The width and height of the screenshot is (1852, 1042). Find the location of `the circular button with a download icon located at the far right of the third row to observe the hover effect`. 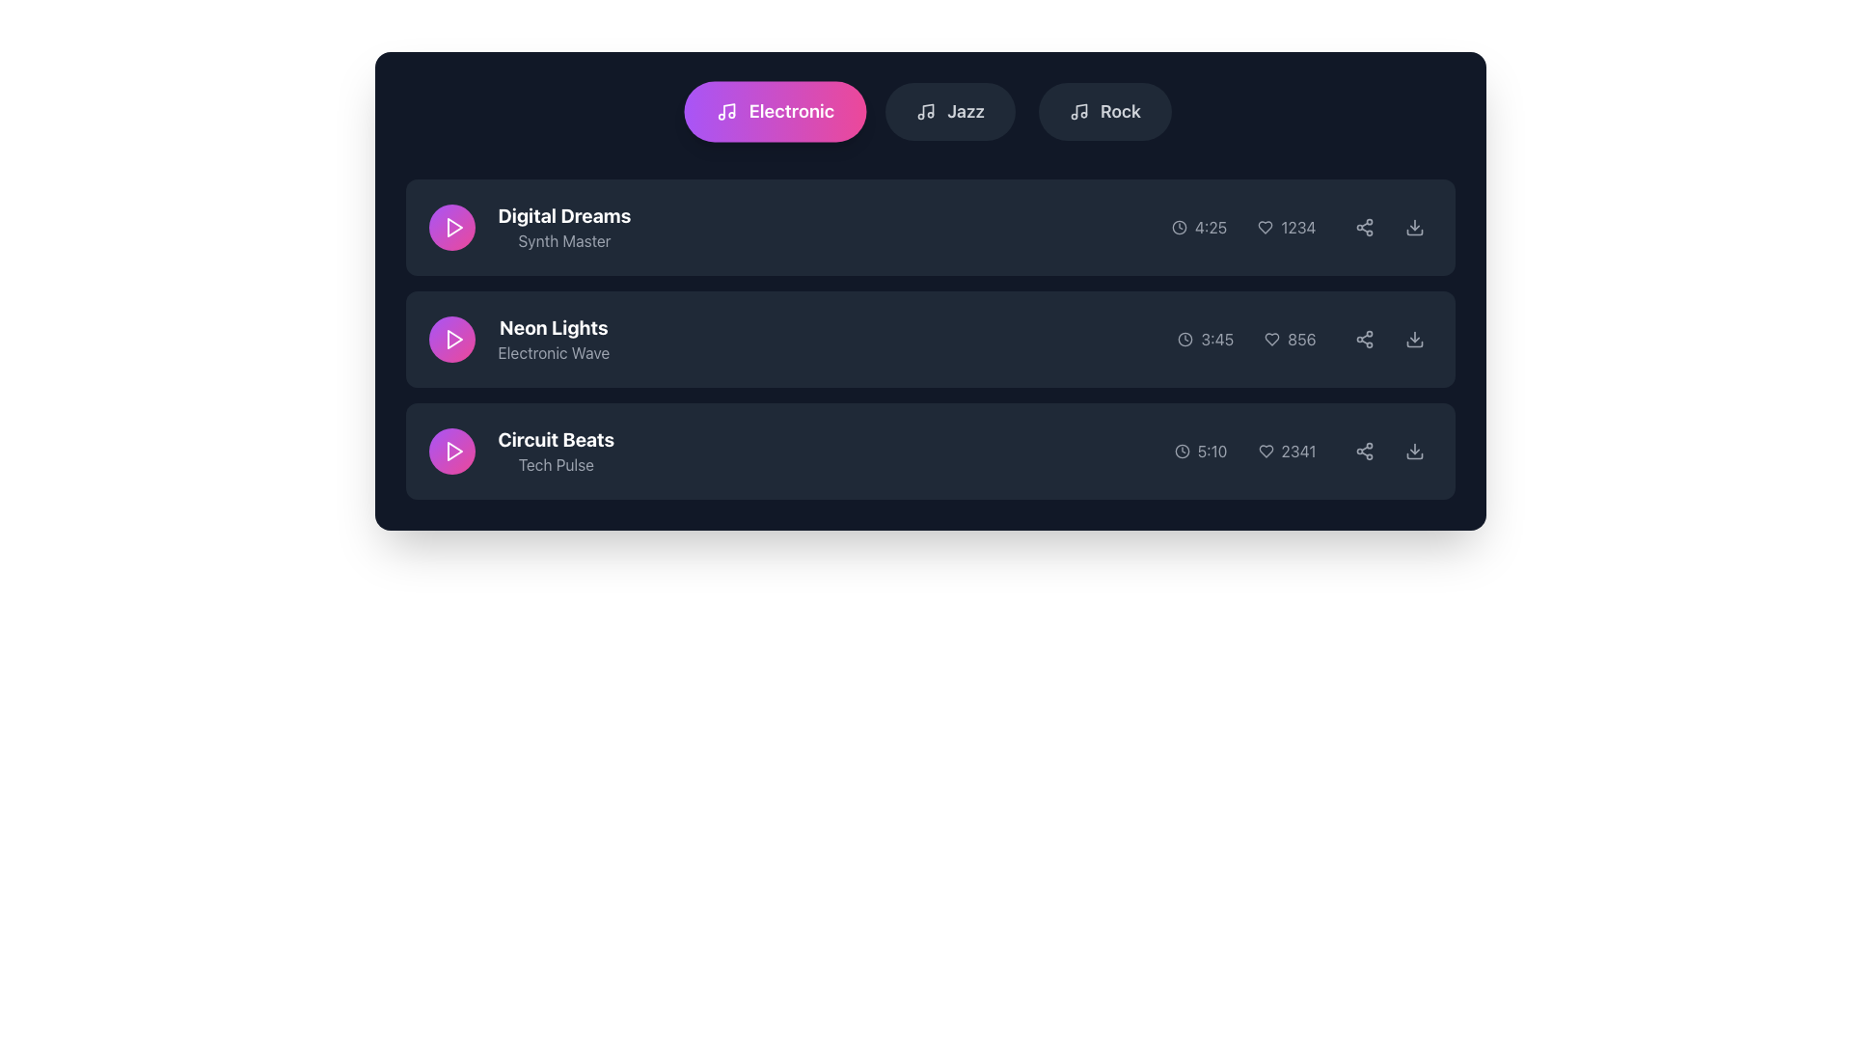

the circular button with a download icon located at the far right of the third row to observe the hover effect is located at coordinates (1414, 451).